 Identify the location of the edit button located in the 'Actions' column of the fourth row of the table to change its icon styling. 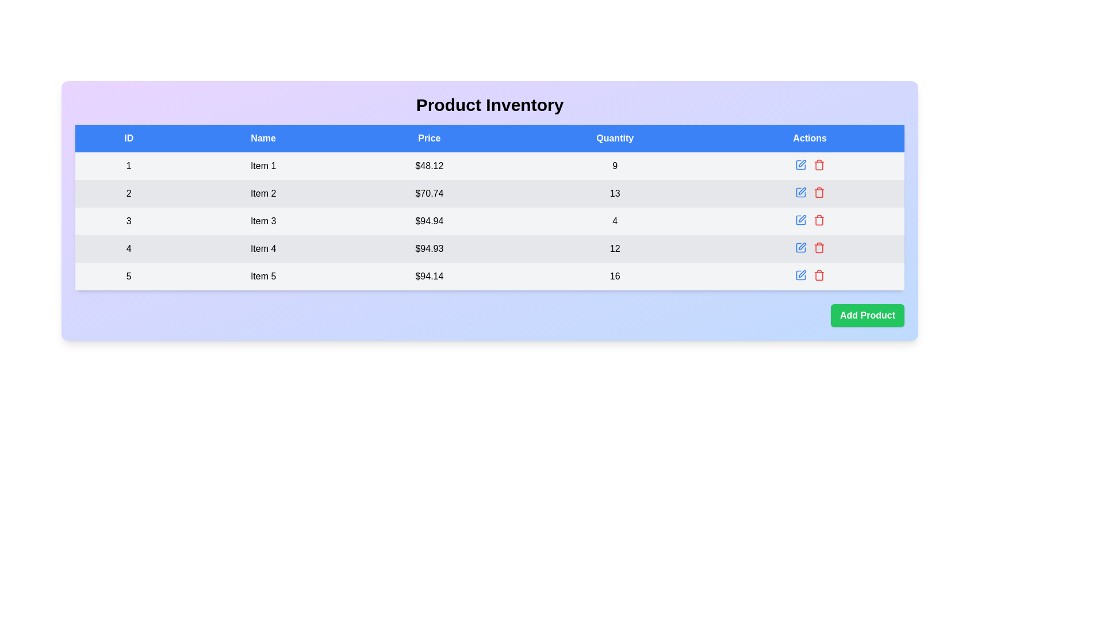
(800, 247).